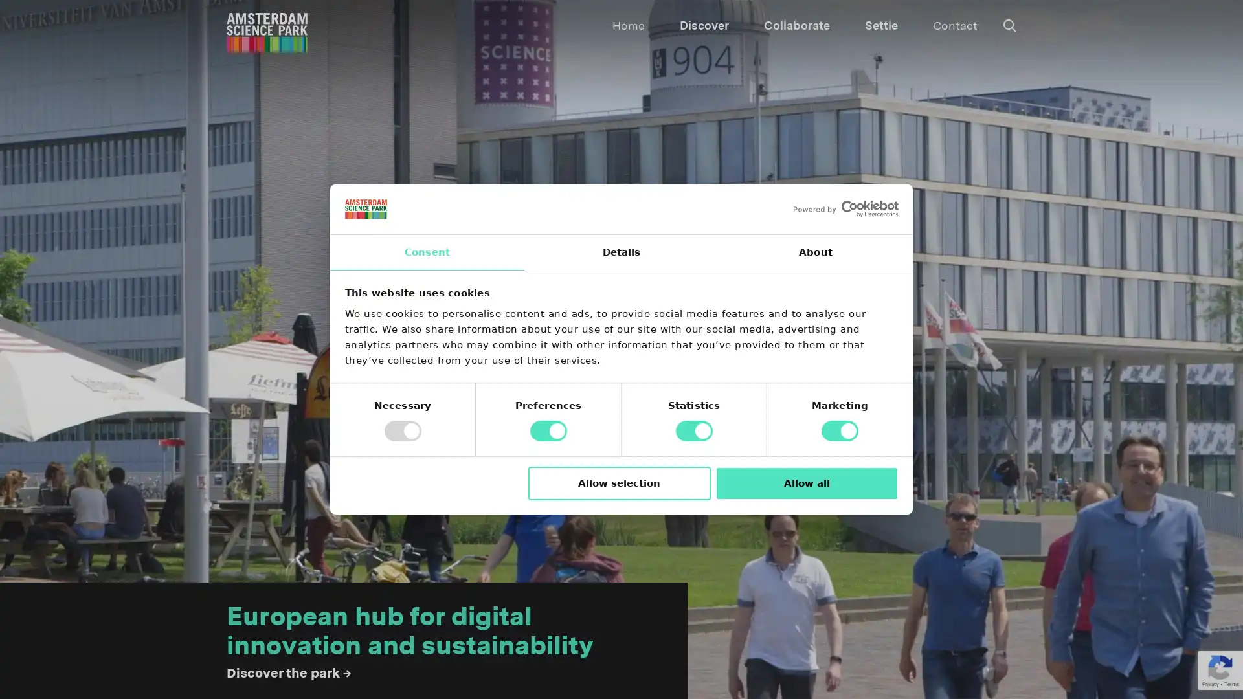 The width and height of the screenshot is (1243, 699). What do you see at coordinates (607, 23) in the screenshot?
I see `SEARCH` at bounding box center [607, 23].